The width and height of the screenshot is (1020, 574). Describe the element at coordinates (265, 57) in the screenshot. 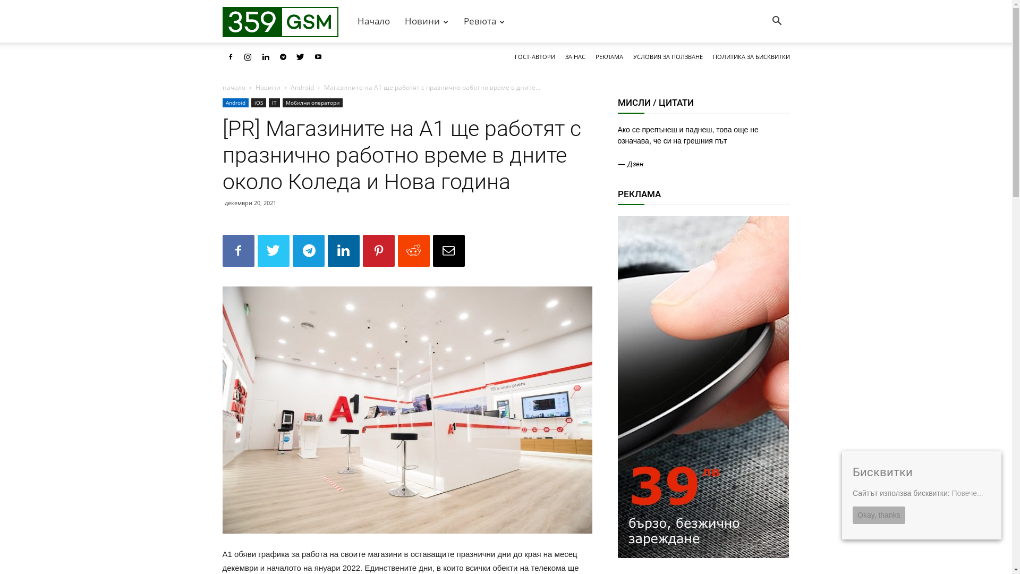

I see `'Linkedin'` at that location.